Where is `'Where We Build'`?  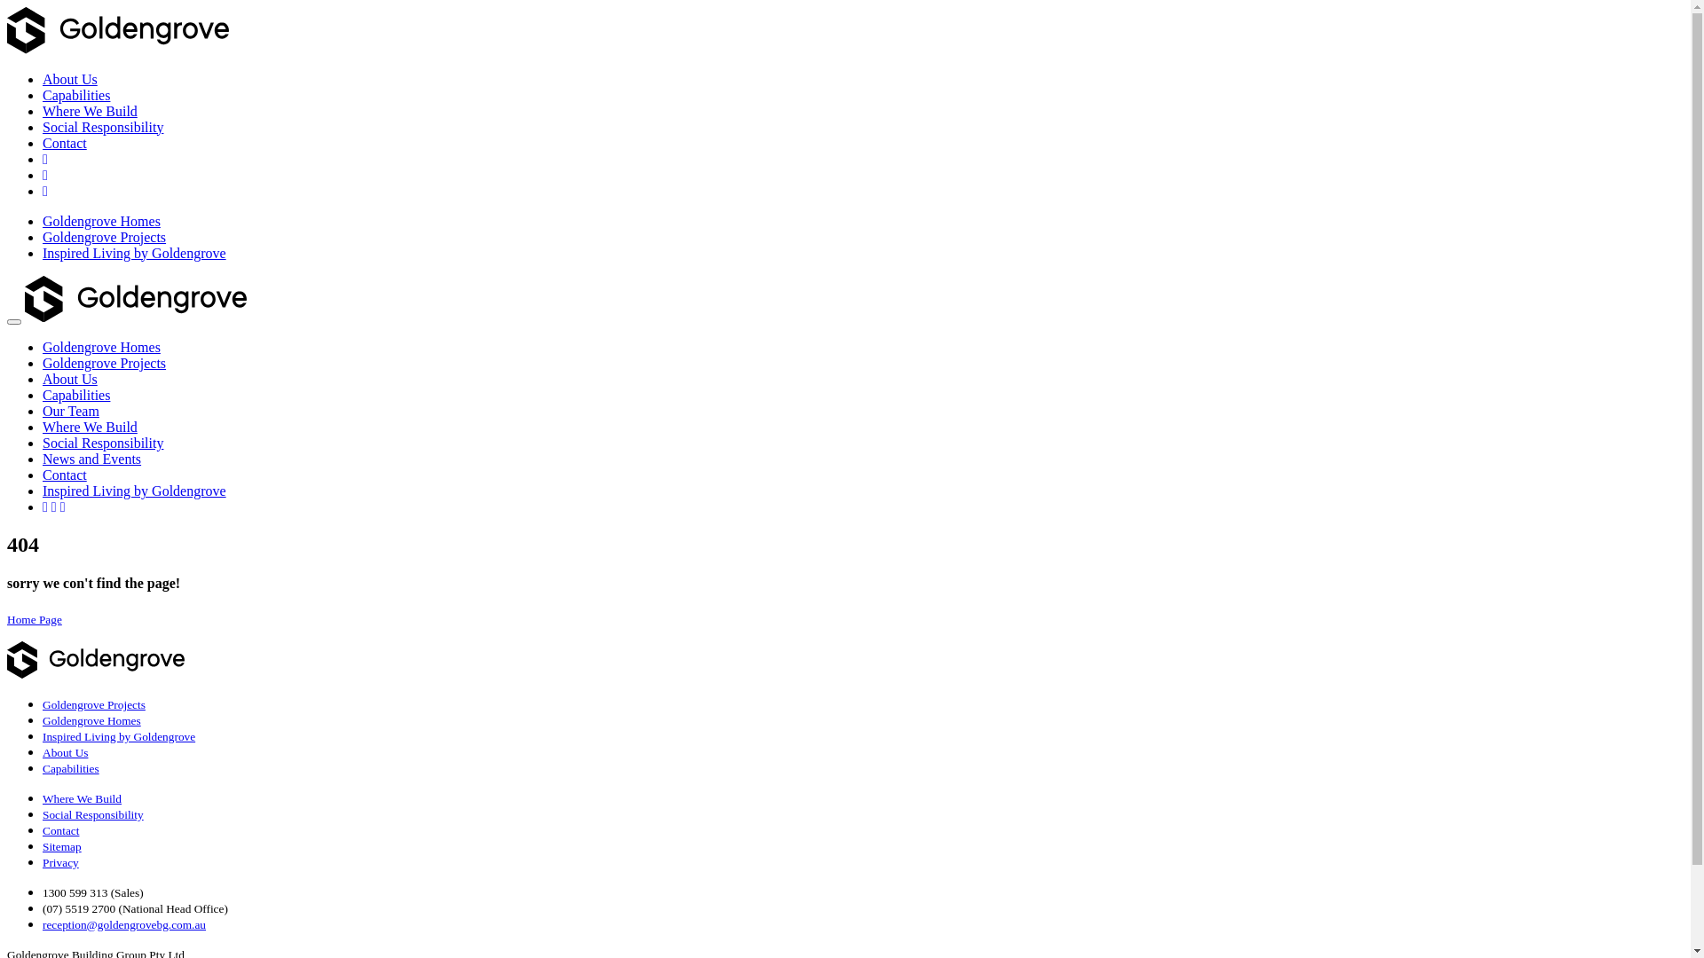 'Where We Build' is located at coordinates (89, 427).